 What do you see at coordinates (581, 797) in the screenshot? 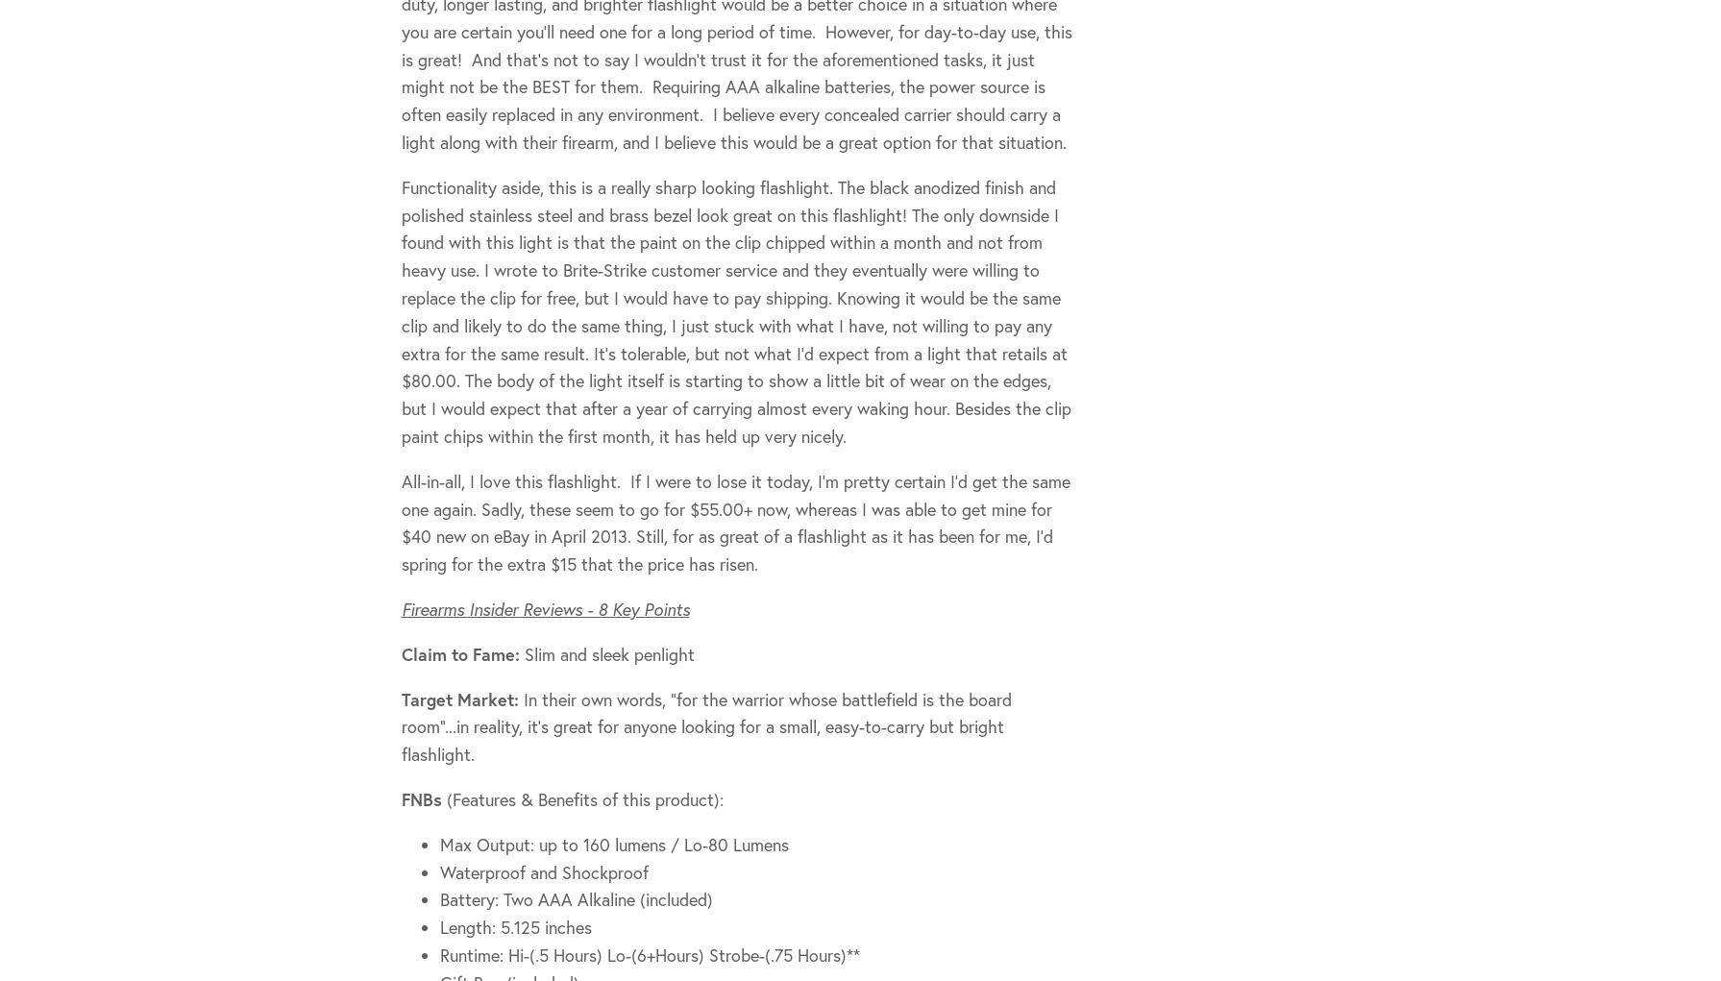
I see `'(Features & Benefits of this product):'` at bounding box center [581, 797].